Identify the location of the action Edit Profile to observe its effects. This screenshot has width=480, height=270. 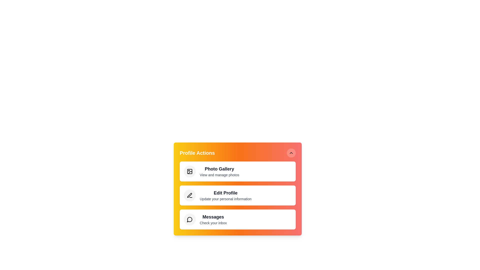
(189, 195).